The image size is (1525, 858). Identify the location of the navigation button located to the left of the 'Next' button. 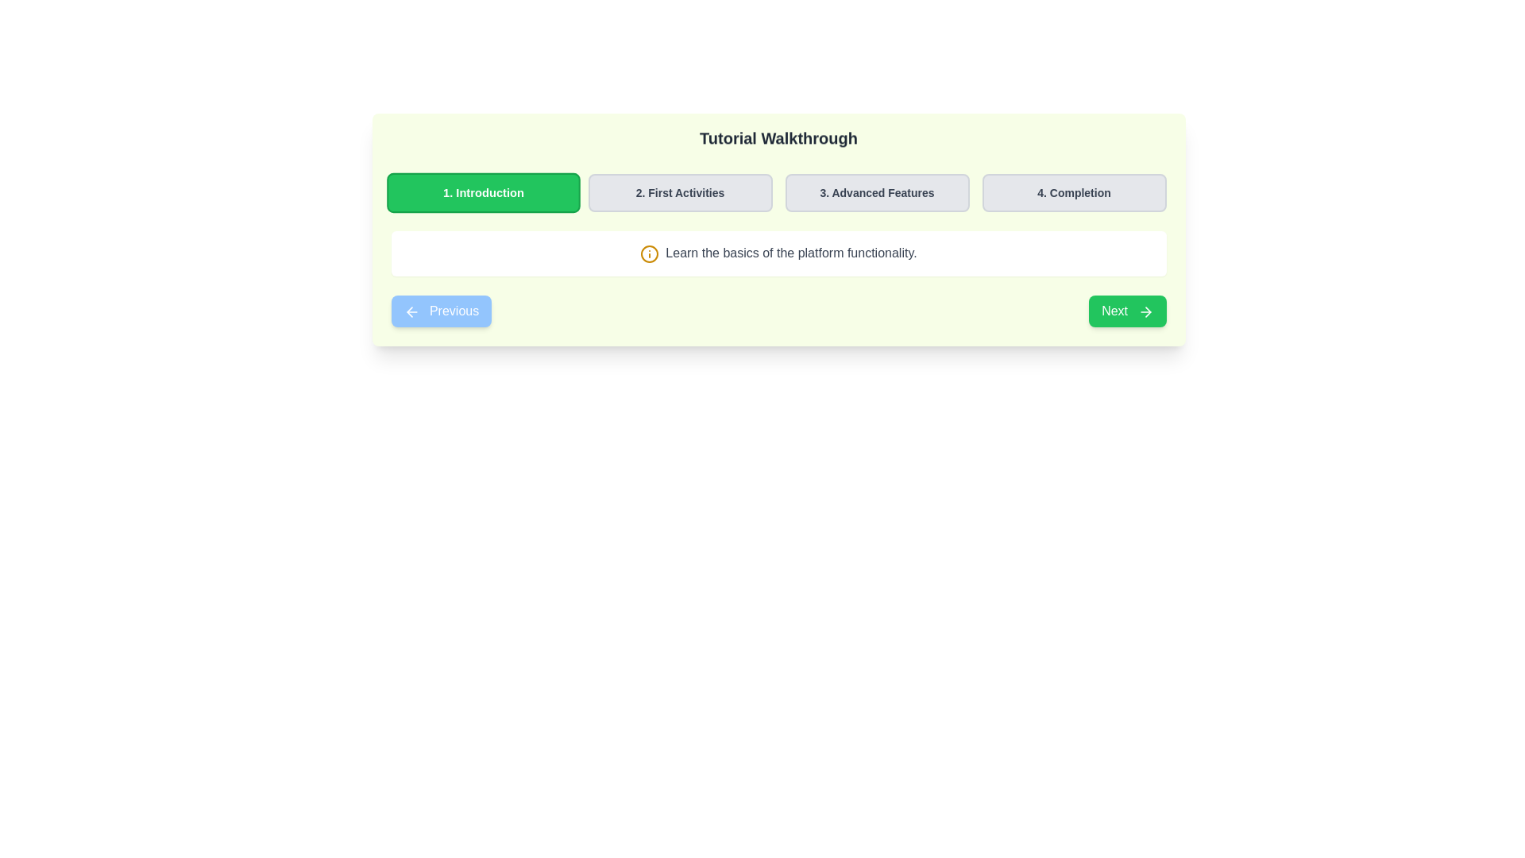
(441, 311).